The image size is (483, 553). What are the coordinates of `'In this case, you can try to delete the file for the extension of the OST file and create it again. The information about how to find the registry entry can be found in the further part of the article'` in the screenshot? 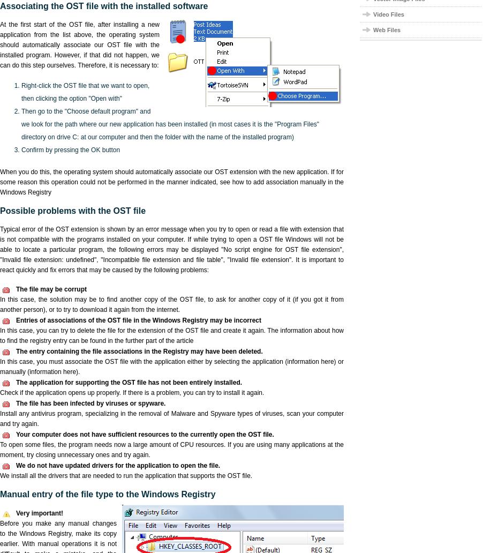 It's located at (171, 335).